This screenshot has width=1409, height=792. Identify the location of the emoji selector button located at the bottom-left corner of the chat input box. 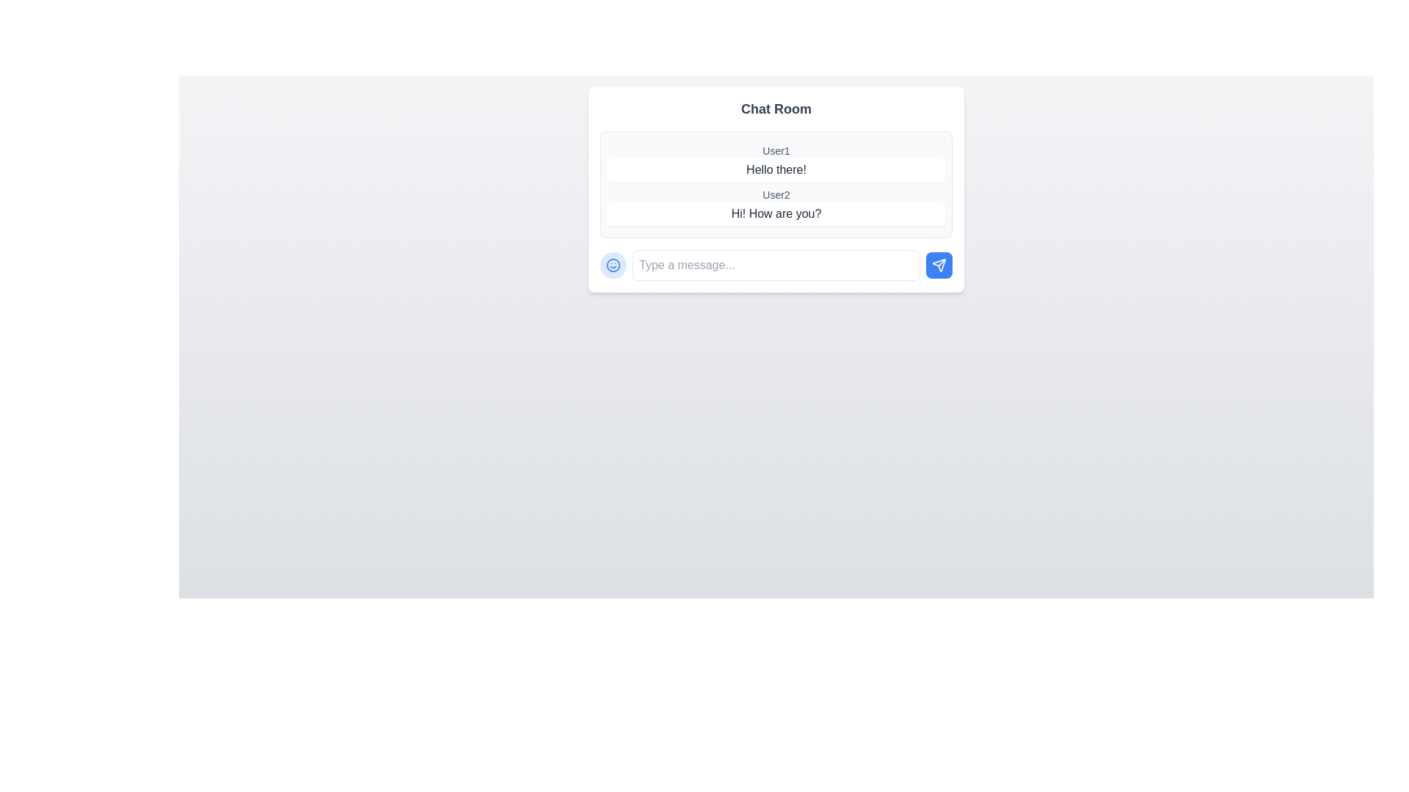
(613, 265).